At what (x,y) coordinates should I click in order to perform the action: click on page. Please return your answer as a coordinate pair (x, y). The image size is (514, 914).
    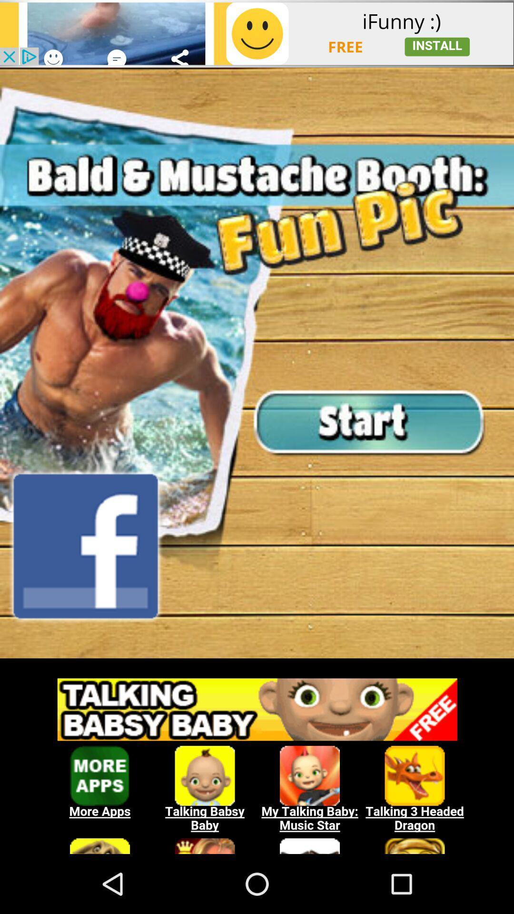
    Looking at the image, I should click on (257, 33).